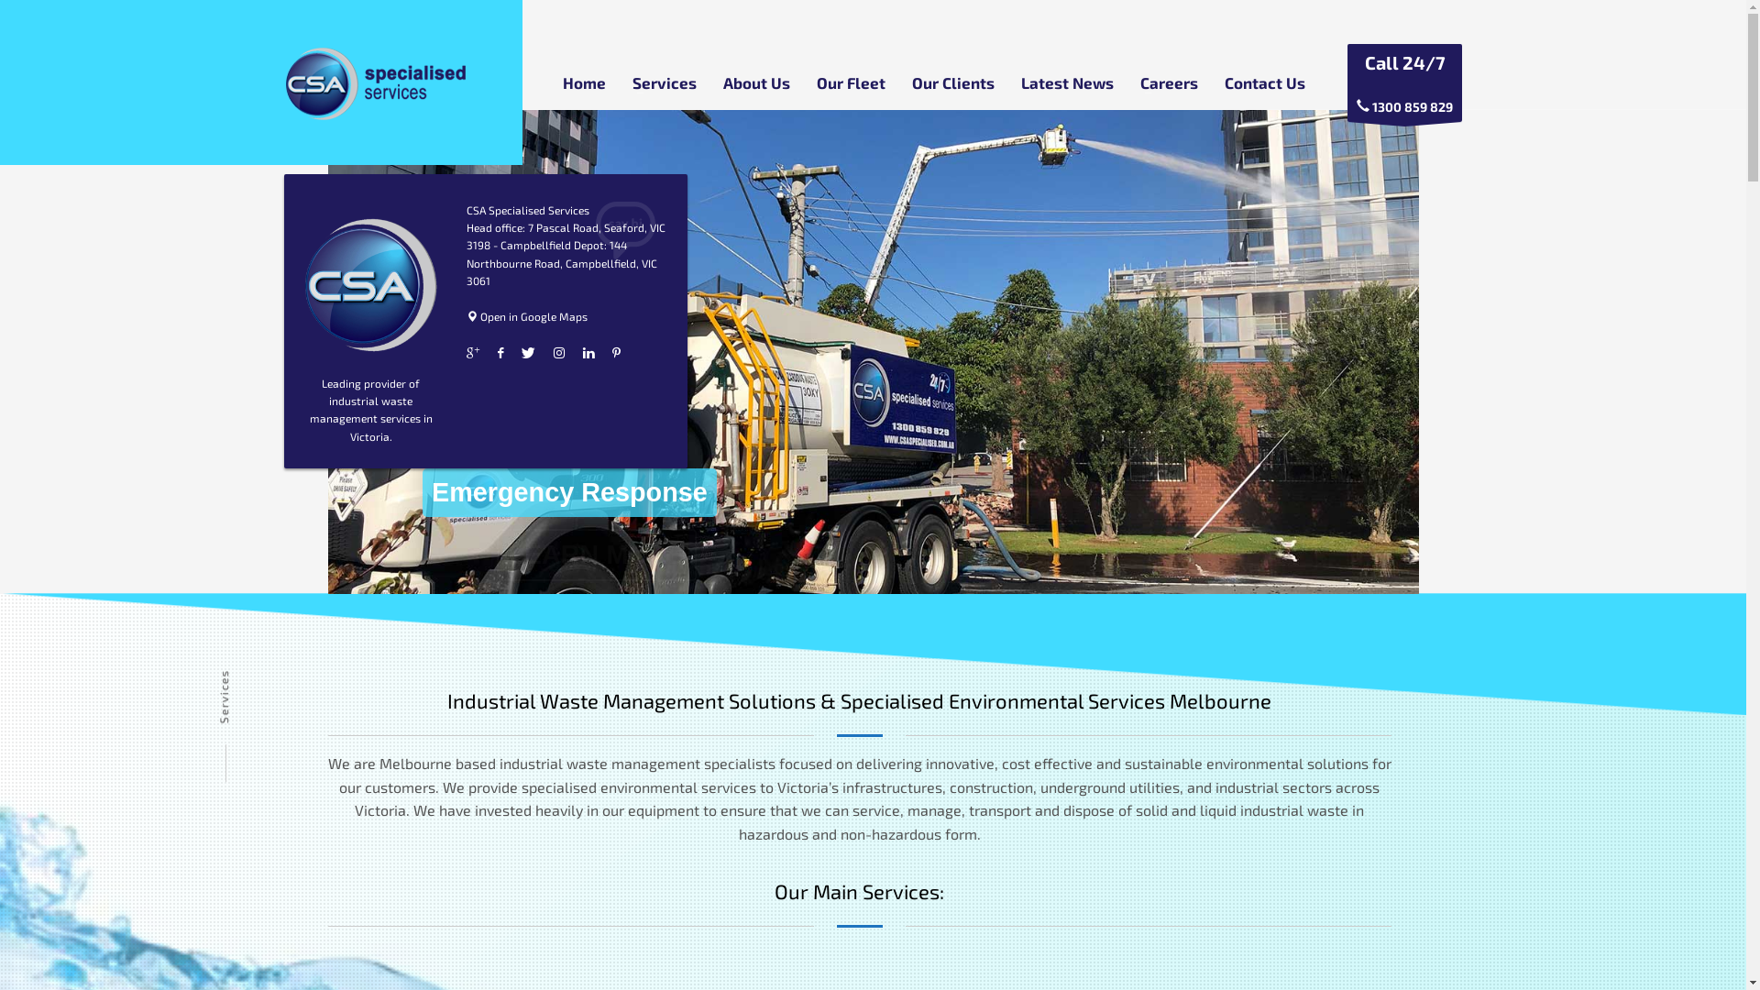 The image size is (1760, 990). What do you see at coordinates (621, 81) in the screenshot?
I see `'Services'` at bounding box center [621, 81].